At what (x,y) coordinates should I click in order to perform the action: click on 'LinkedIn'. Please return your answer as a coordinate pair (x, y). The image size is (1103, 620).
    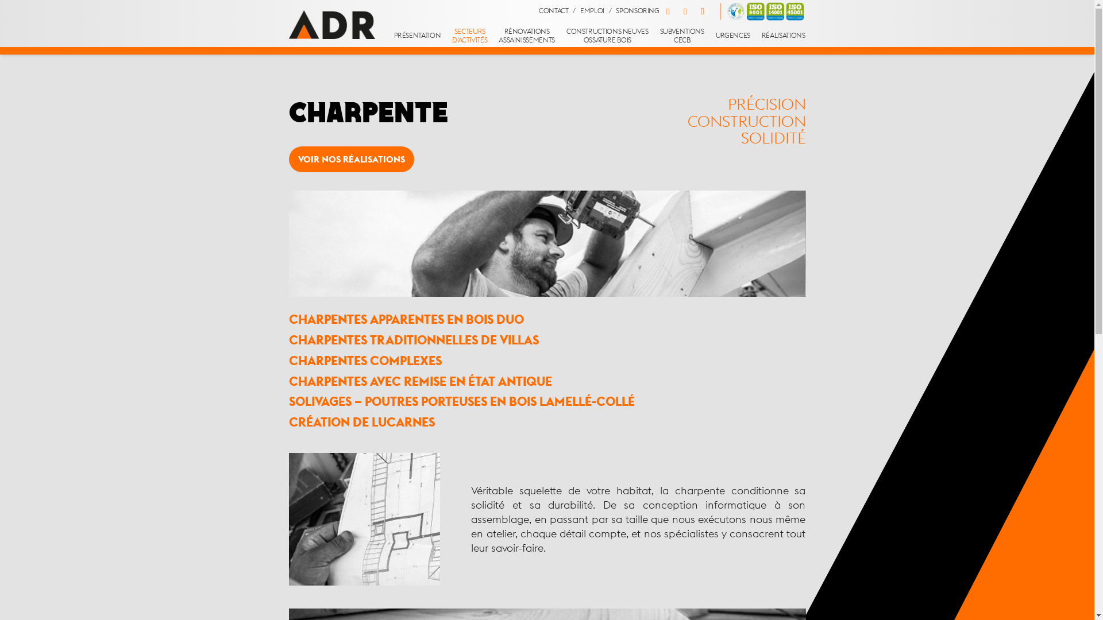
    Looking at the image, I should click on (676, 11).